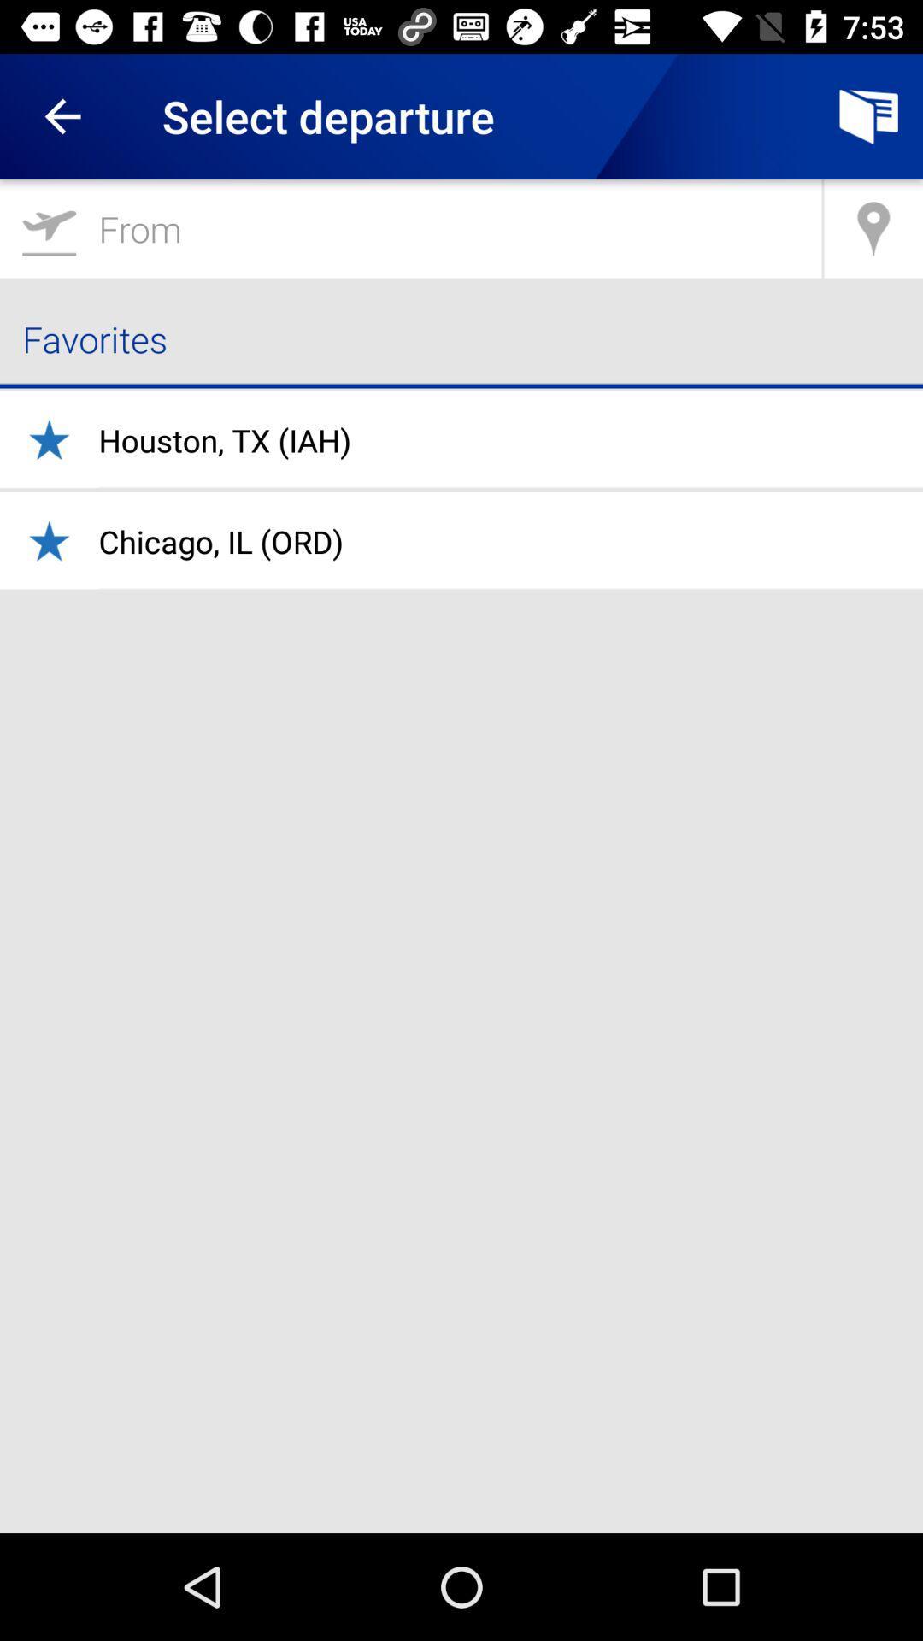 This screenshot has height=1641, width=923. I want to click on go airplanemode, so click(410, 227).